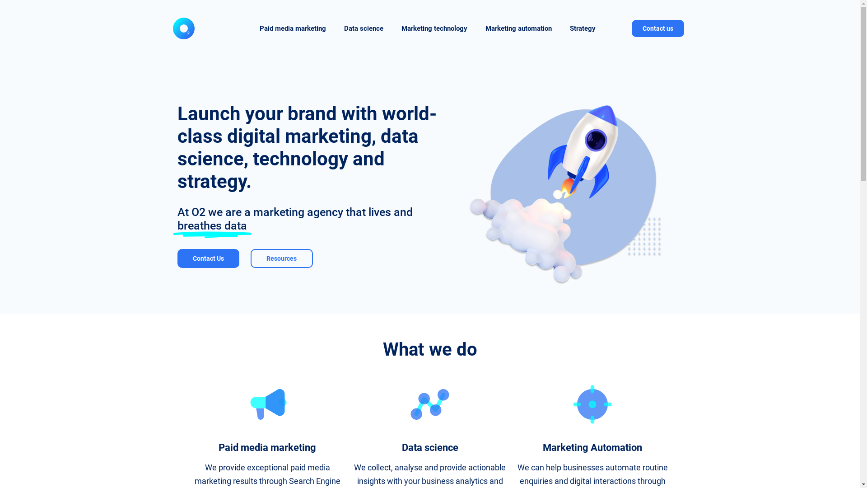  Describe the element at coordinates (281, 258) in the screenshot. I see `'Resources'` at that location.